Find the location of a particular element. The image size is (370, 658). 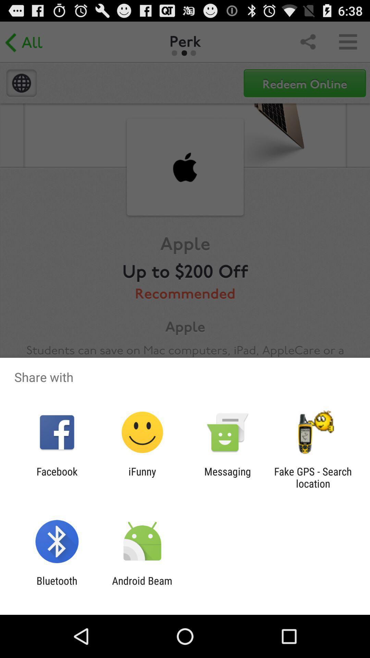

the item next to facebook icon is located at coordinates (142, 477).